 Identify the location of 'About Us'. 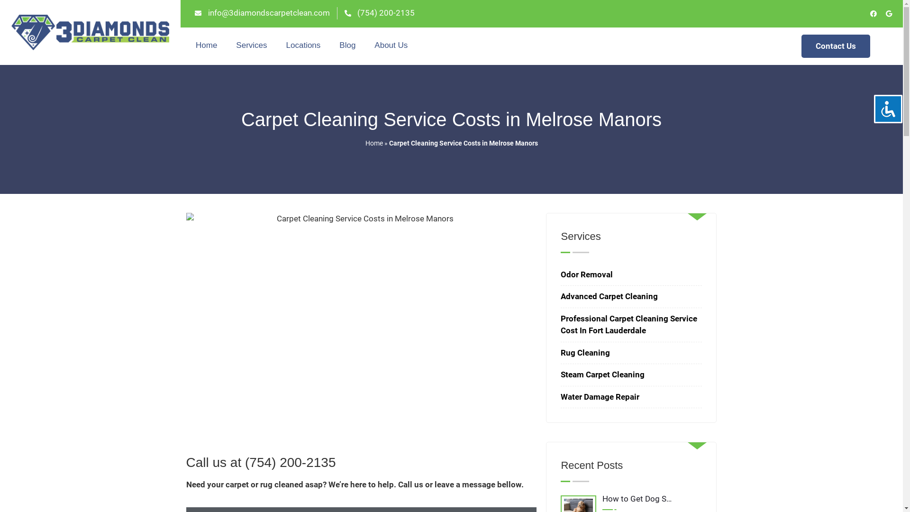
(391, 46).